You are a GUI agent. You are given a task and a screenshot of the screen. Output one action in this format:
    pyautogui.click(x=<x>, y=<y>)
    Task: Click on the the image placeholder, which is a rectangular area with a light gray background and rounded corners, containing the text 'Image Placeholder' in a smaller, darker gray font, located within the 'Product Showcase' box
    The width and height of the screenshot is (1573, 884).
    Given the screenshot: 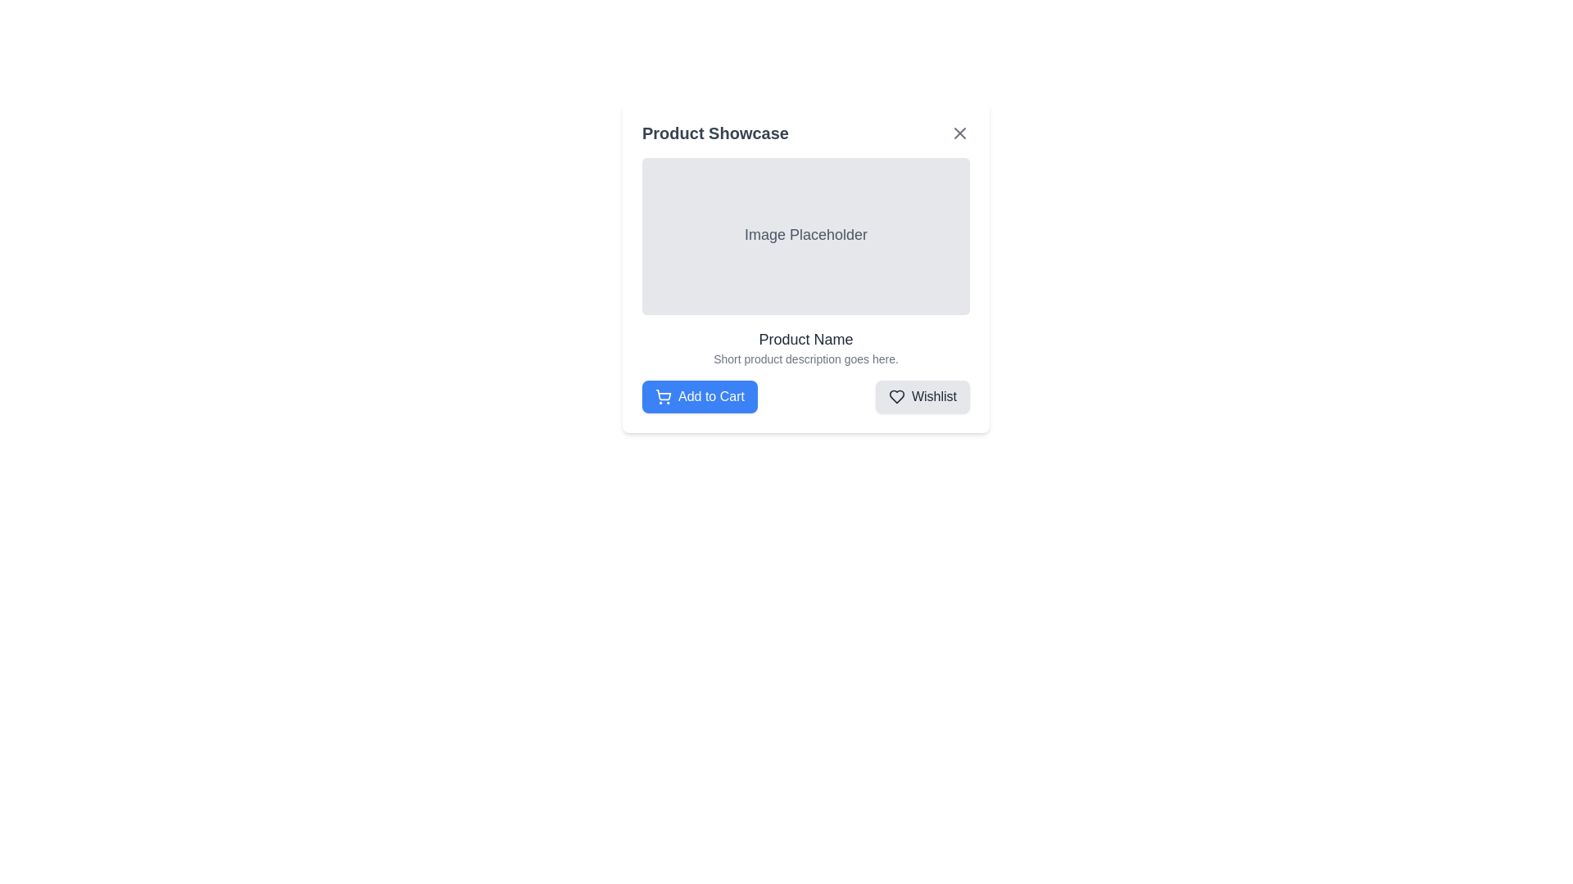 What is the action you would take?
    pyautogui.click(x=805, y=237)
    